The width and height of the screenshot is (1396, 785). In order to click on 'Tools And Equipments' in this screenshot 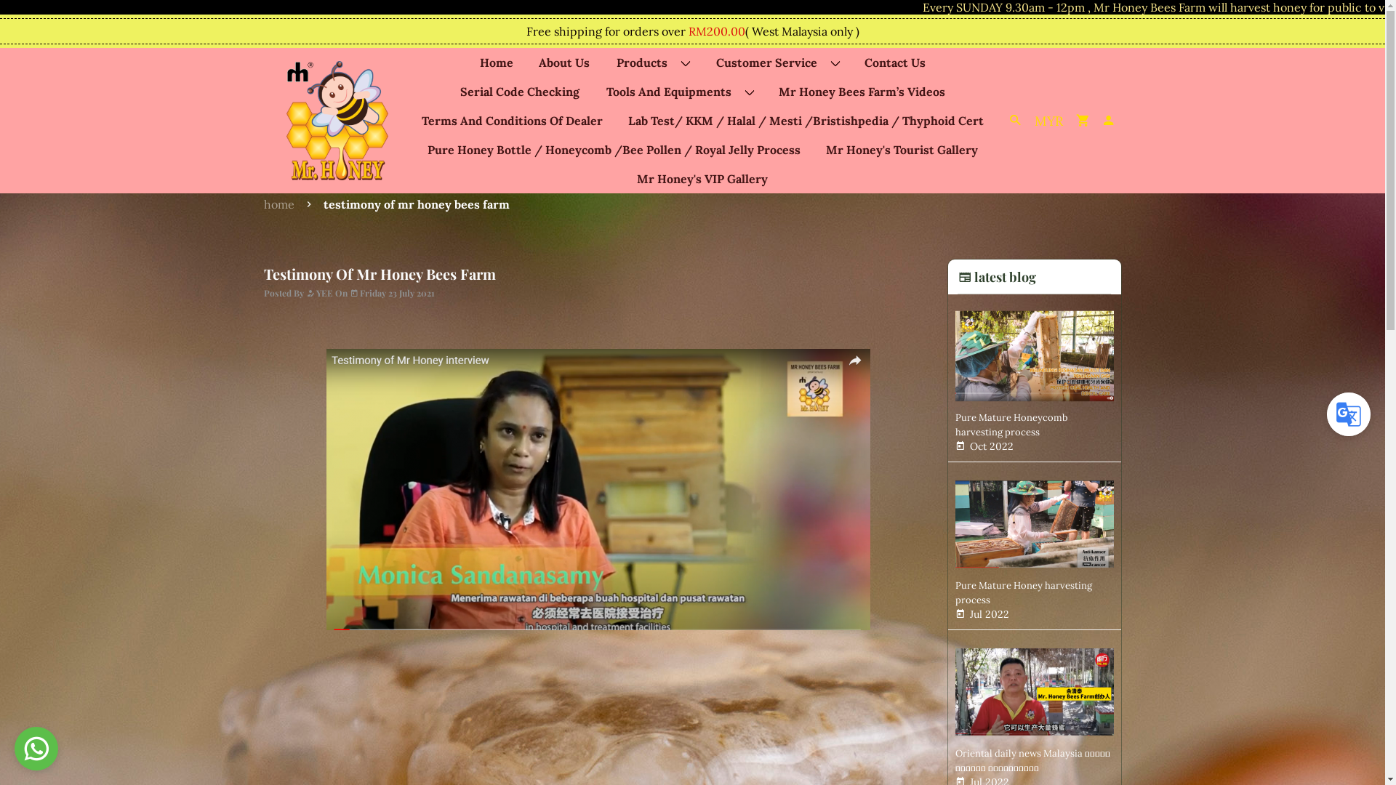, I will do `click(678, 92)`.